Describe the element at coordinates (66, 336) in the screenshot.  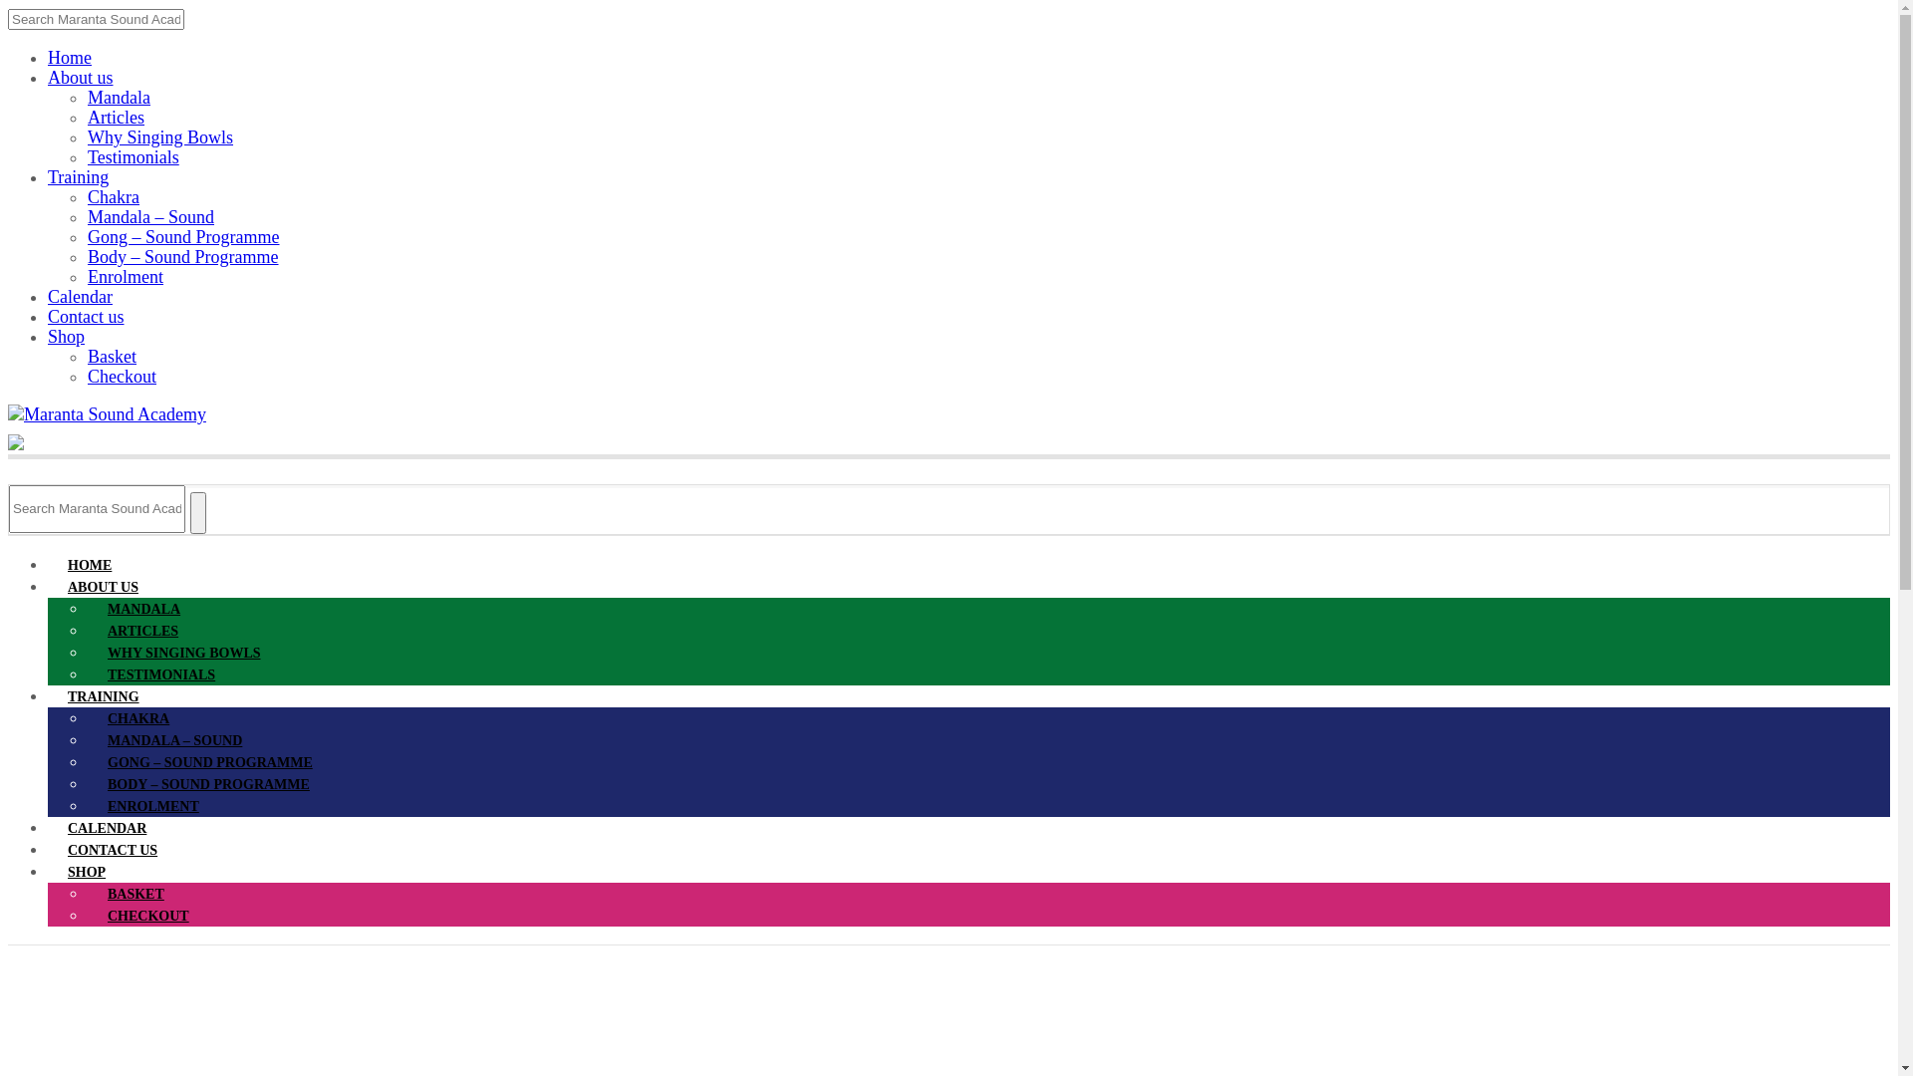
I see `'Shop'` at that location.